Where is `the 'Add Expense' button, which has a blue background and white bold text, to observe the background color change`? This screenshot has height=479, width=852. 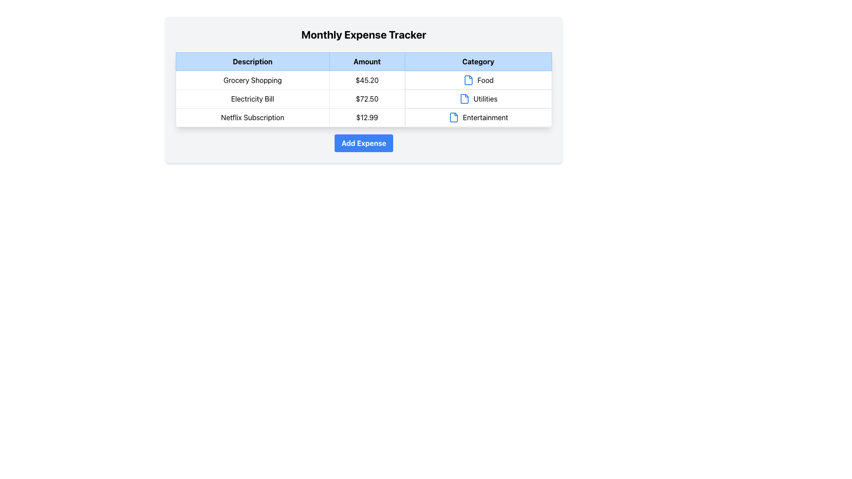 the 'Add Expense' button, which has a blue background and white bold text, to observe the background color change is located at coordinates (364, 142).